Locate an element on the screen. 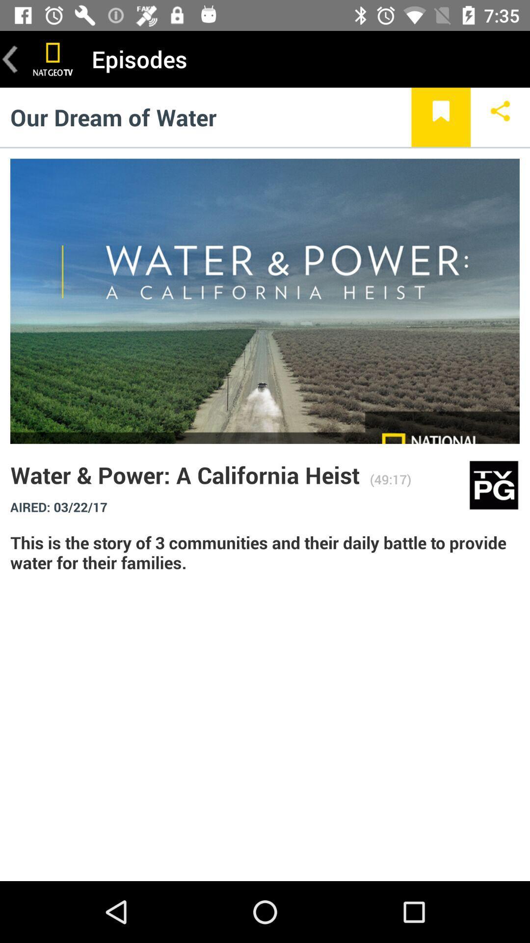 Image resolution: width=530 pixels, height=943 pixels. the icon next to the episodes icon is located at coordinates (53, 58).